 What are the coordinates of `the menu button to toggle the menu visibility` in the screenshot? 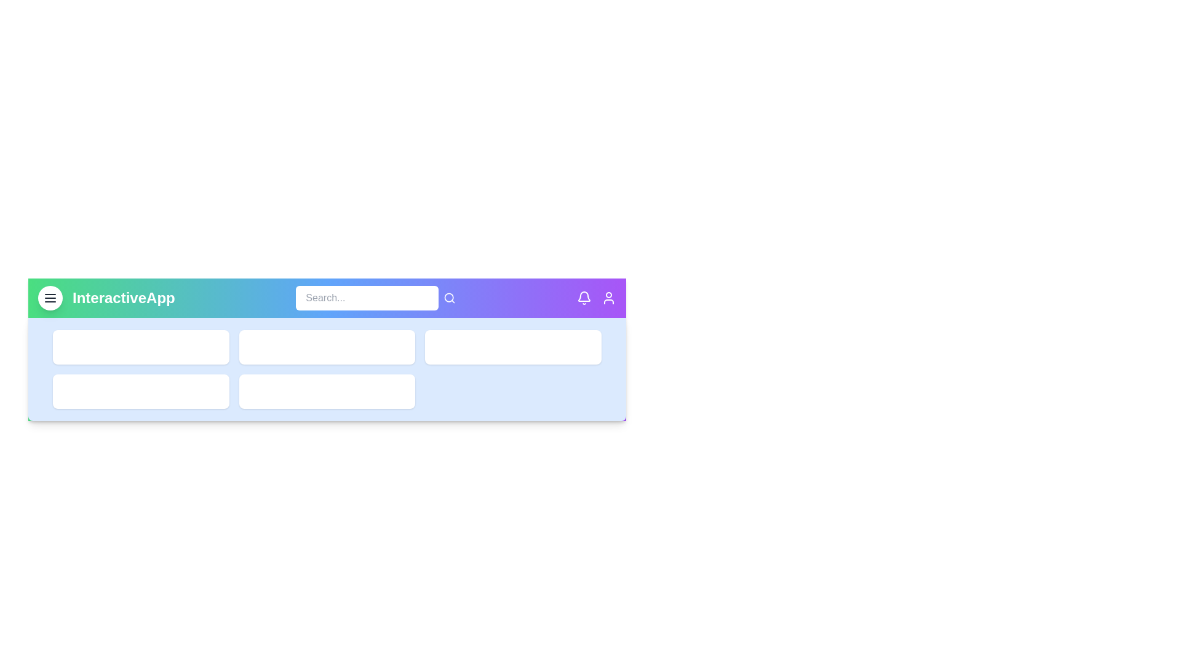 It's located at (49, 298).